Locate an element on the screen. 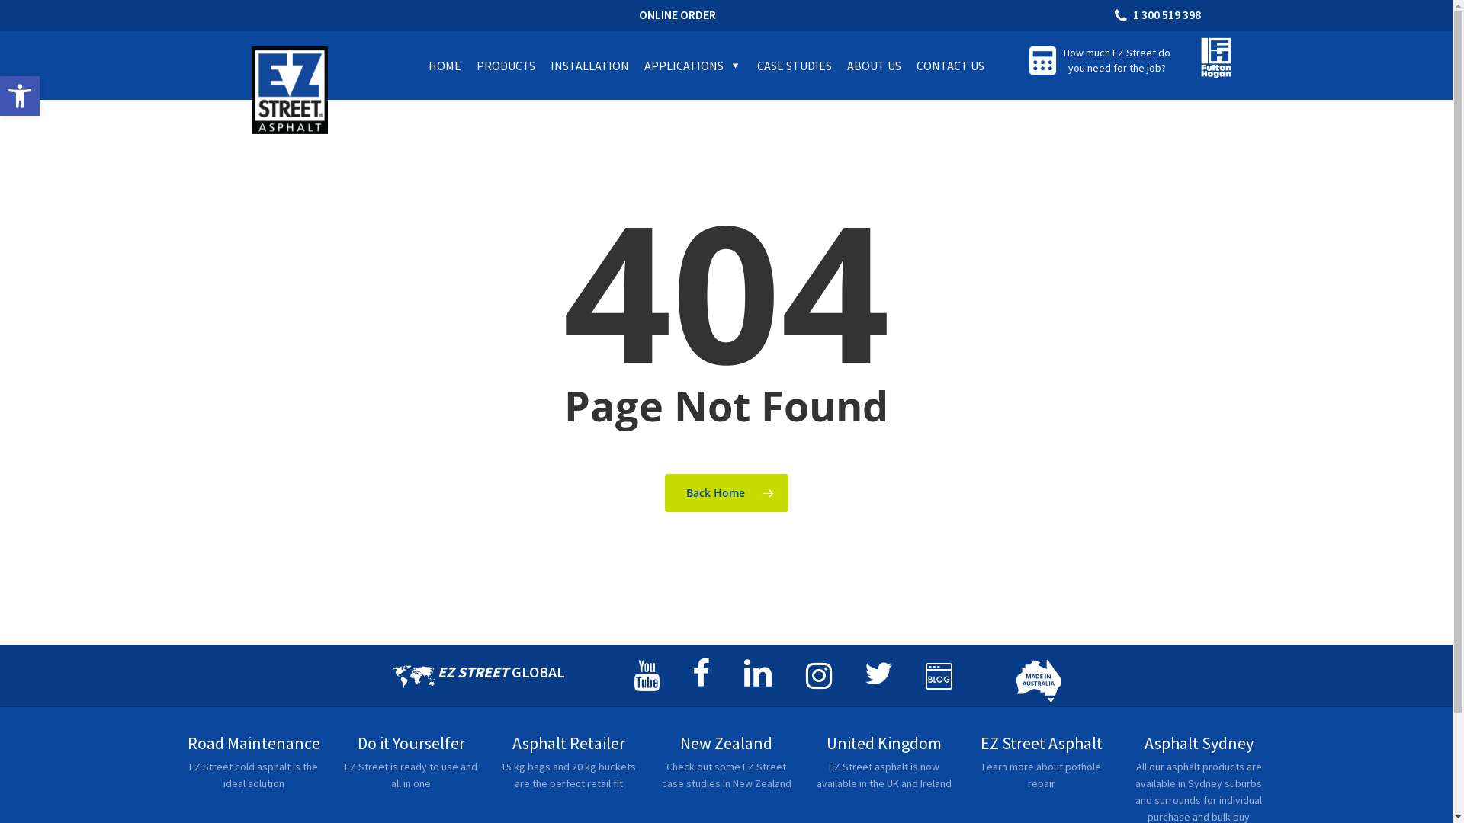  'PRODUCTS' is located at coordinates (506, 64).